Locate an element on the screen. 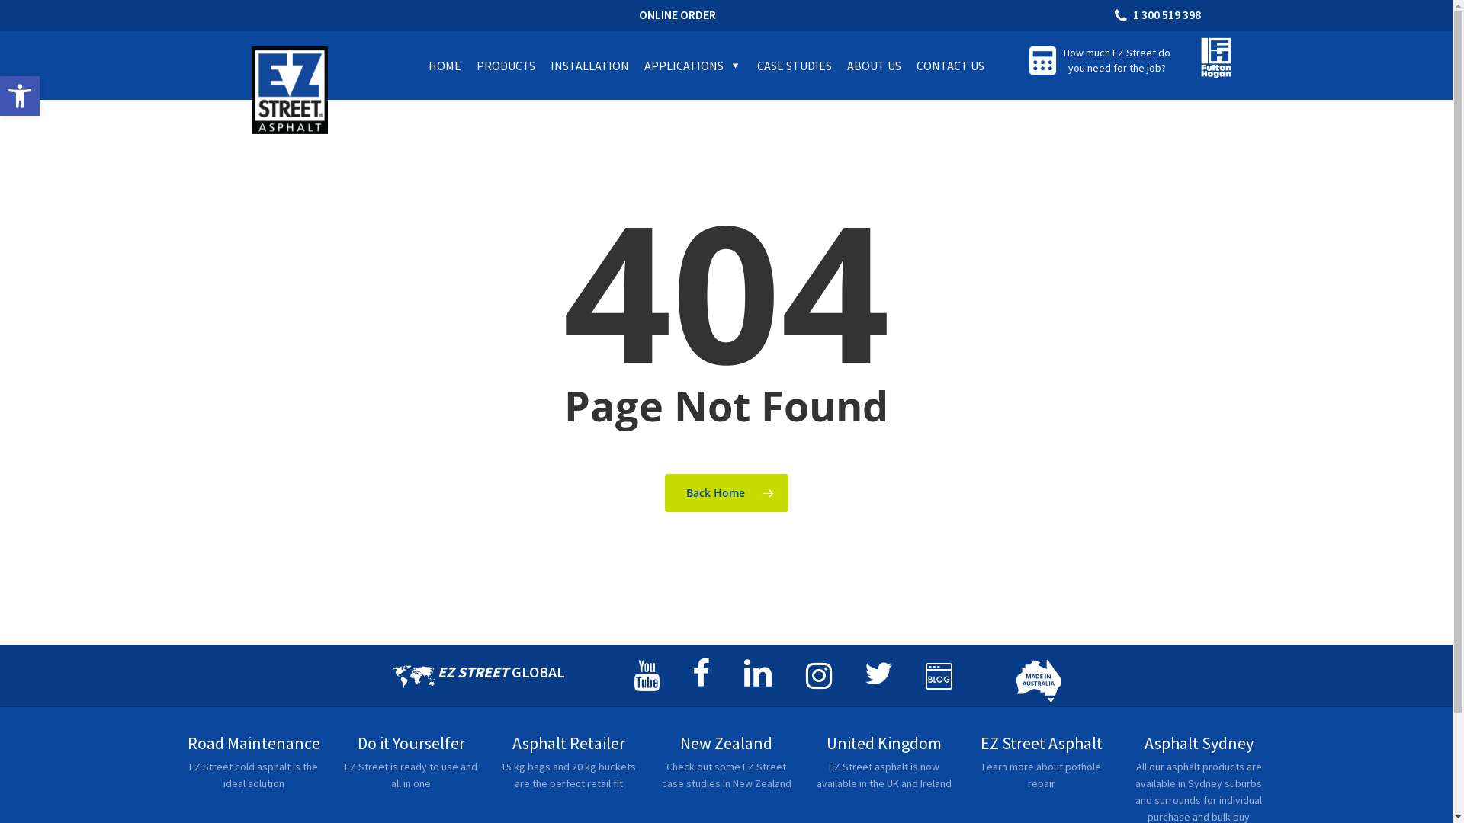  'PRODUCTS' is located at coordinates (506, 64).